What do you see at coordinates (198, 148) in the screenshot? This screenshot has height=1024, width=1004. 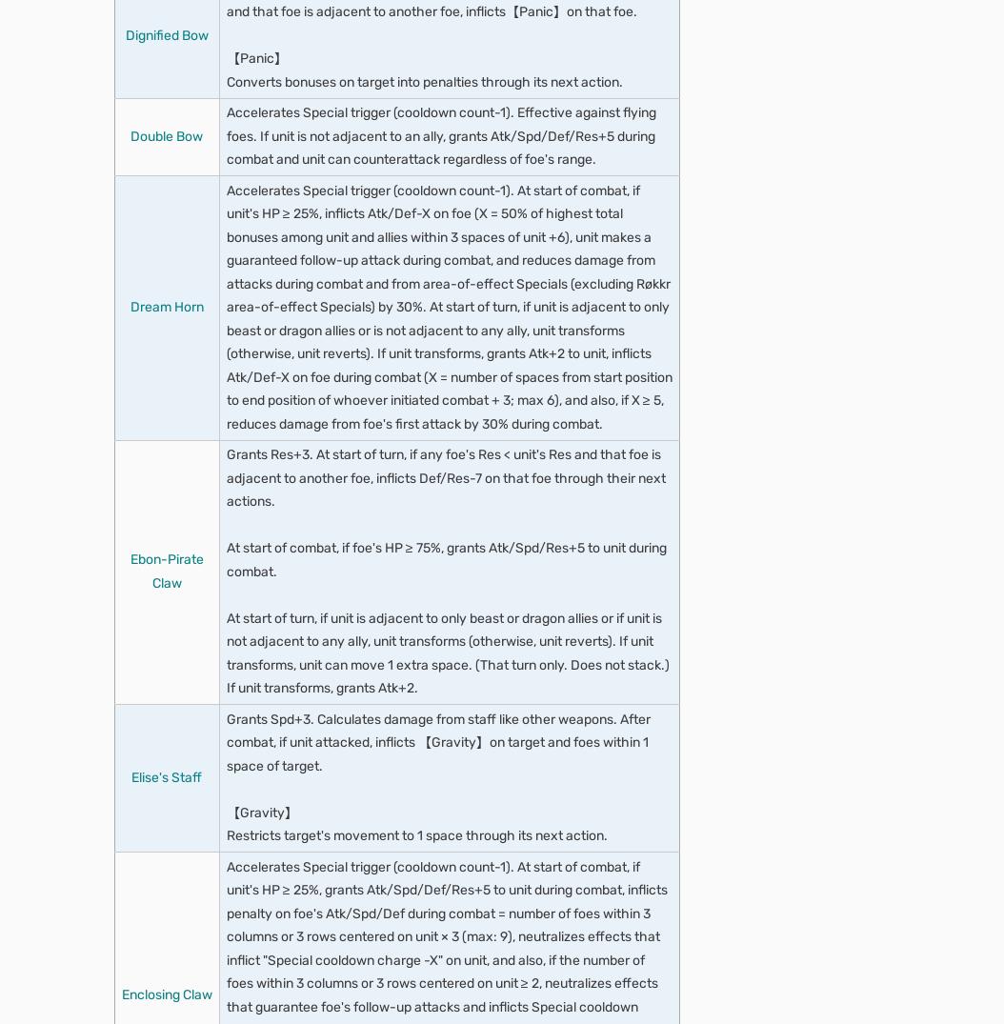 I see `'With Everyone!'` at bounding box center [198, 148].